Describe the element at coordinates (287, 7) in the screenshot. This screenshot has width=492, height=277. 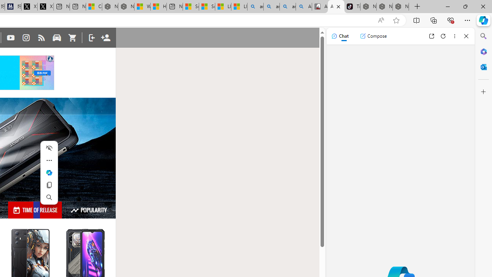
I see `'amazon - Search Images'` at that location.